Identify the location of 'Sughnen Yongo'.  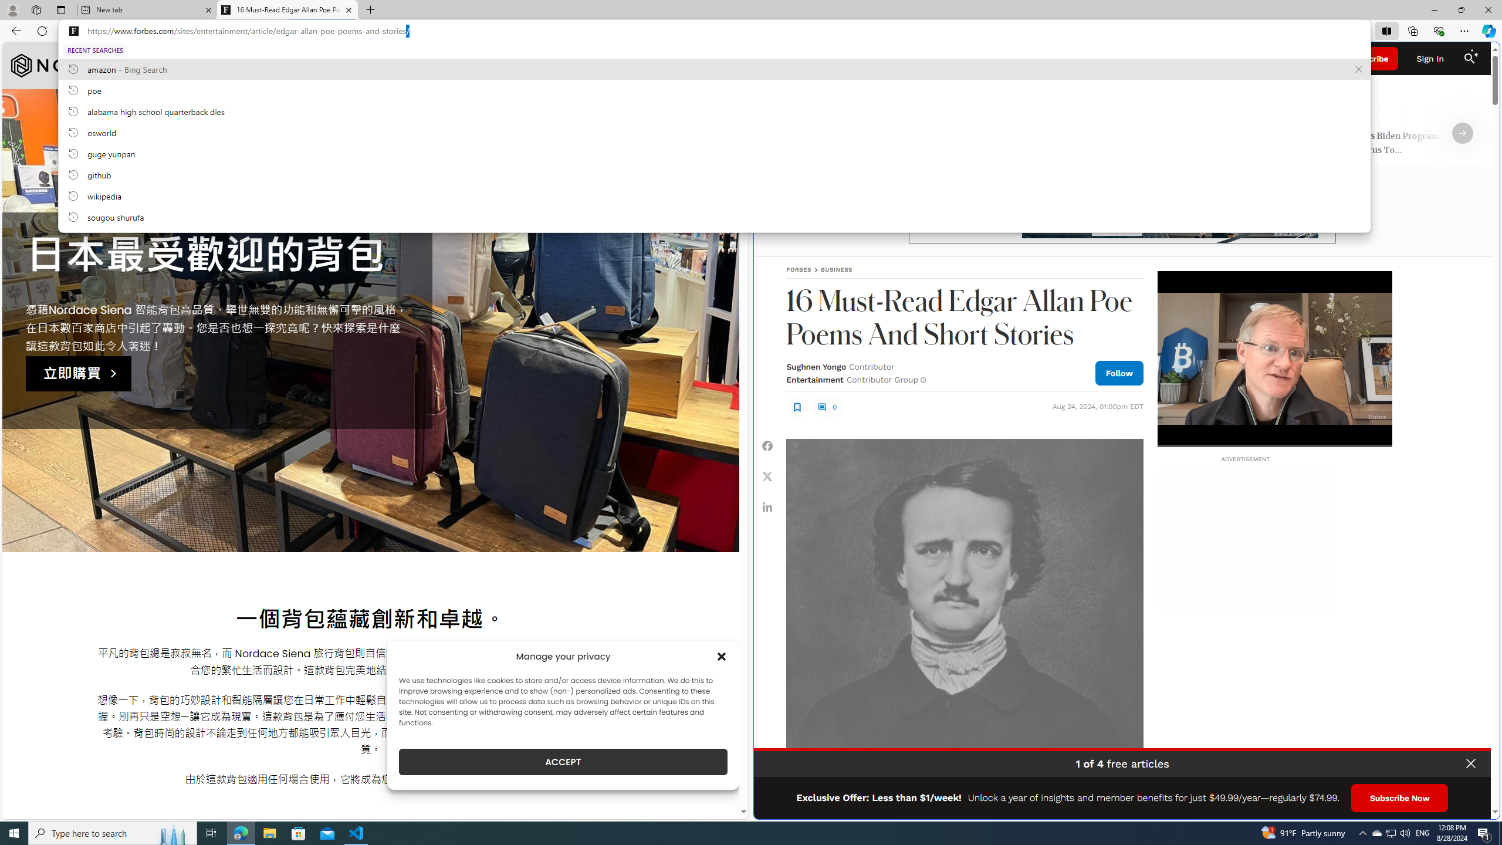
(816, 366).